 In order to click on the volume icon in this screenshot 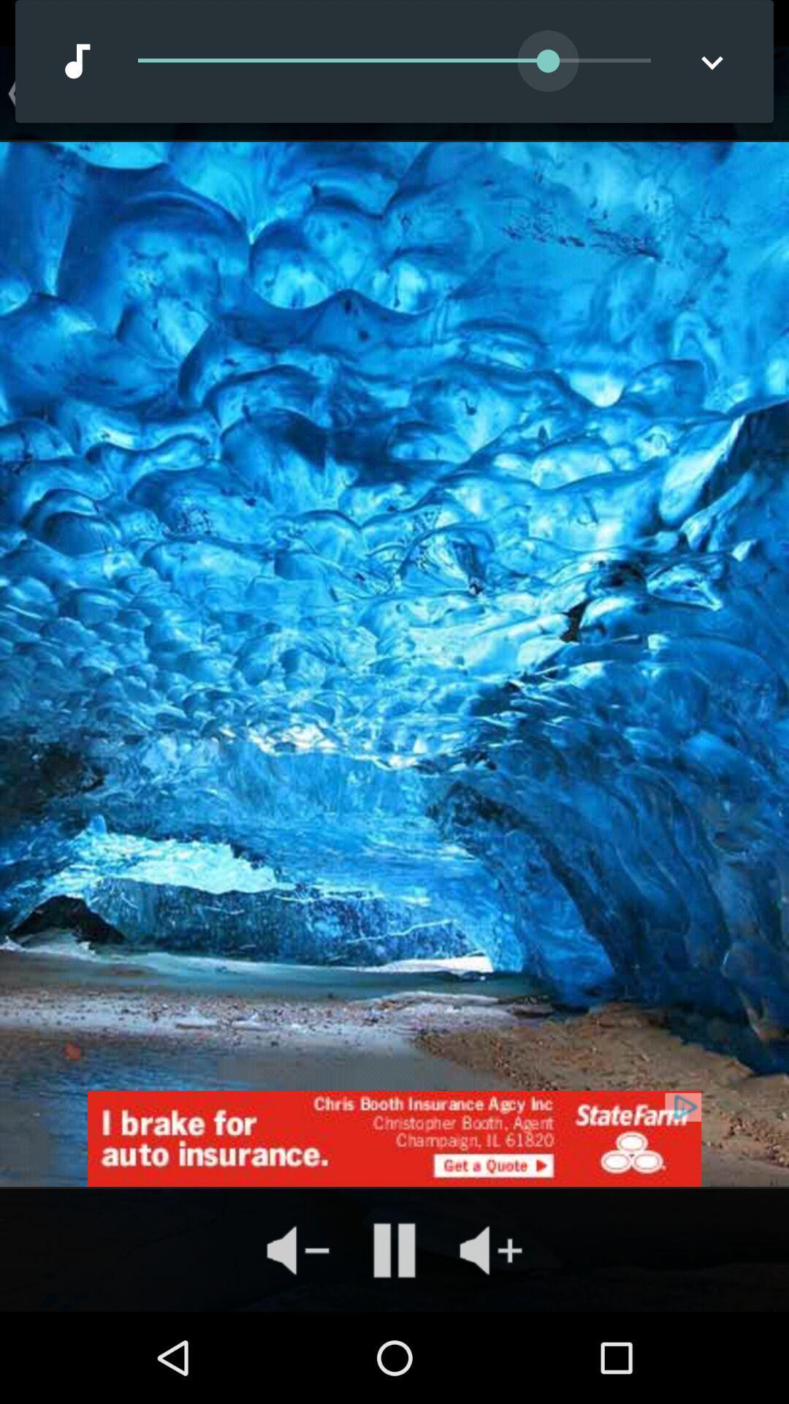, I will do `click(490, 1249)`.